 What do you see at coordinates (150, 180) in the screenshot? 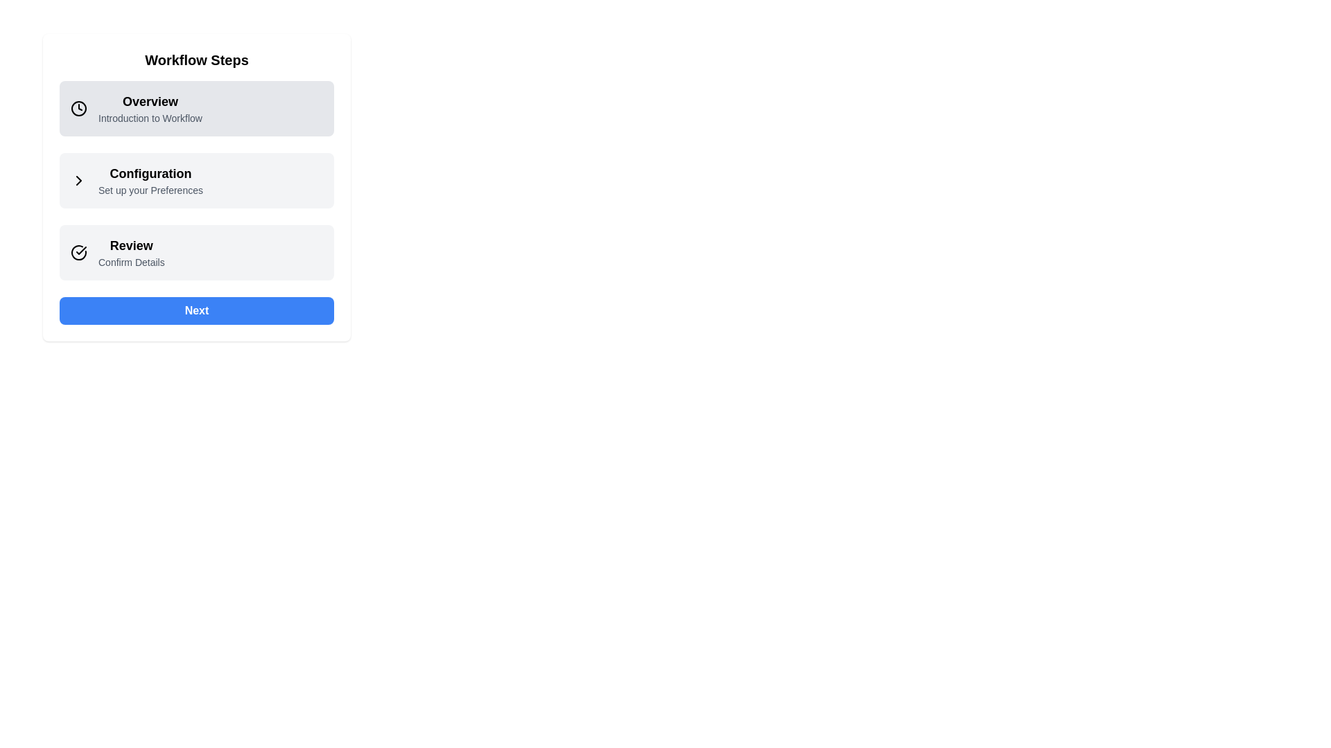
I see `the 'Configuration' text element which features bold, prominently styled text and smaller gray-colored text, located in the second row of the workflow steps panel` at bounding box center [150, 180].